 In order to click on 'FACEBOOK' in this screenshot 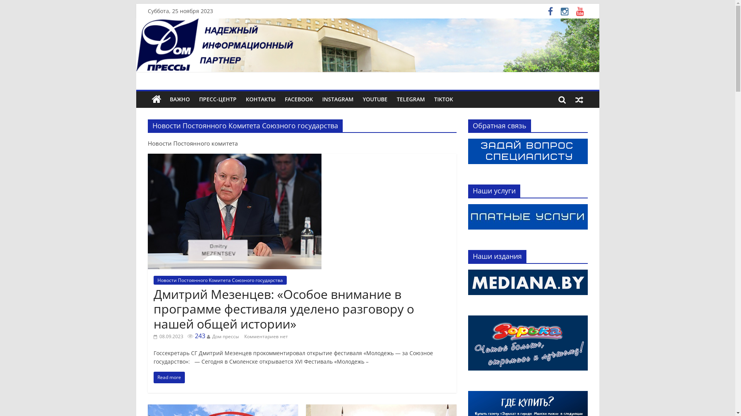, I will do `click(298, 99)`.